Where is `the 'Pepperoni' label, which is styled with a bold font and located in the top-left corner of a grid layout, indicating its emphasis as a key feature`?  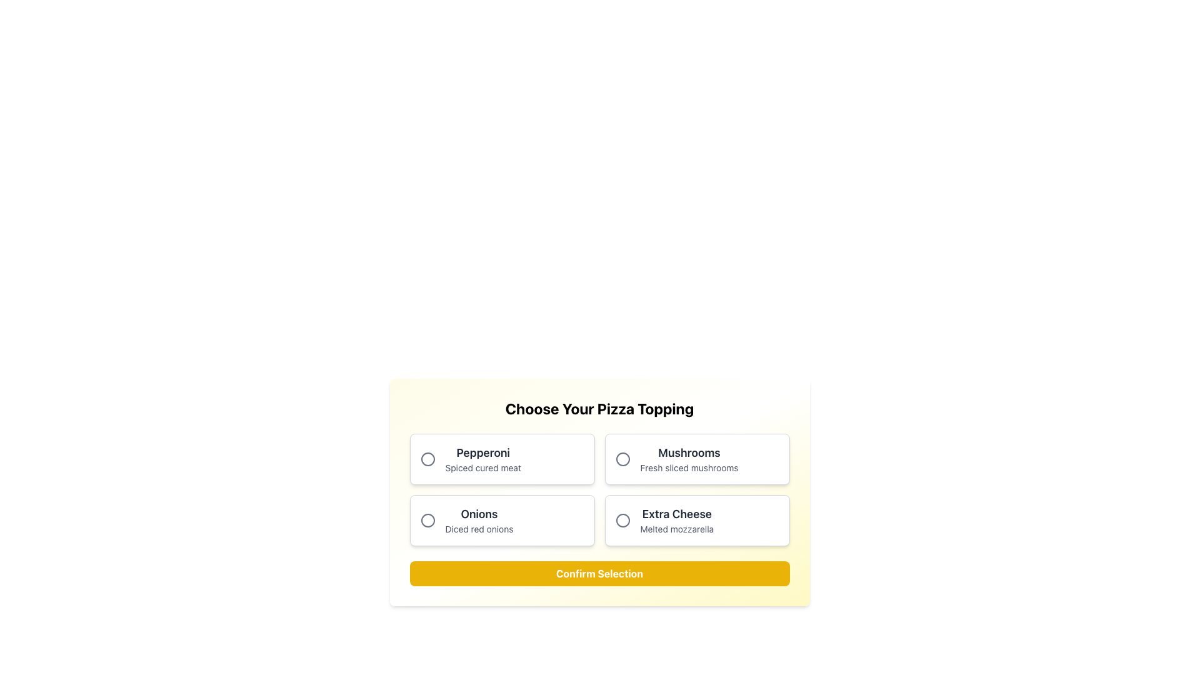
the 'Pepperoni' label, which is styled with a bold font and located in the top-left corner of a grid layout, indicating its emphasis as a key feature is located at coordinates (482, 453).